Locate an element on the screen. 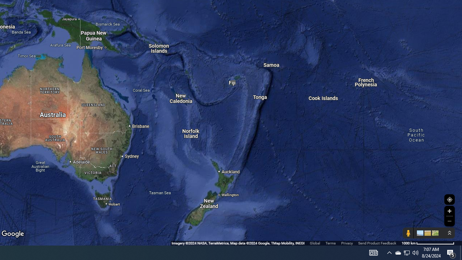  'Show Your Location' is located at coordinates (449, 199).